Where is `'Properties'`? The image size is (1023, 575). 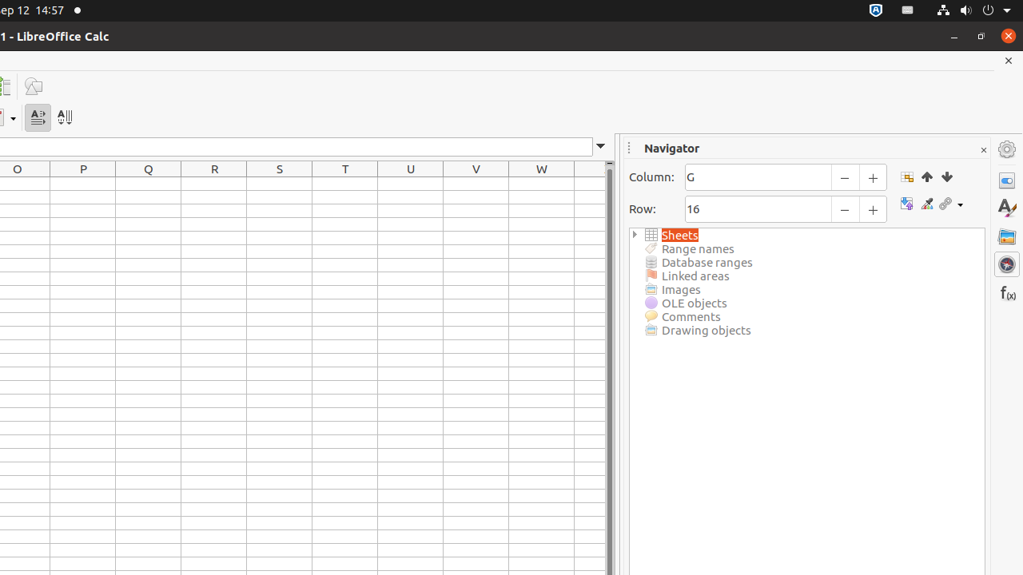
'Properties' is located at coordinates (1006, 180).